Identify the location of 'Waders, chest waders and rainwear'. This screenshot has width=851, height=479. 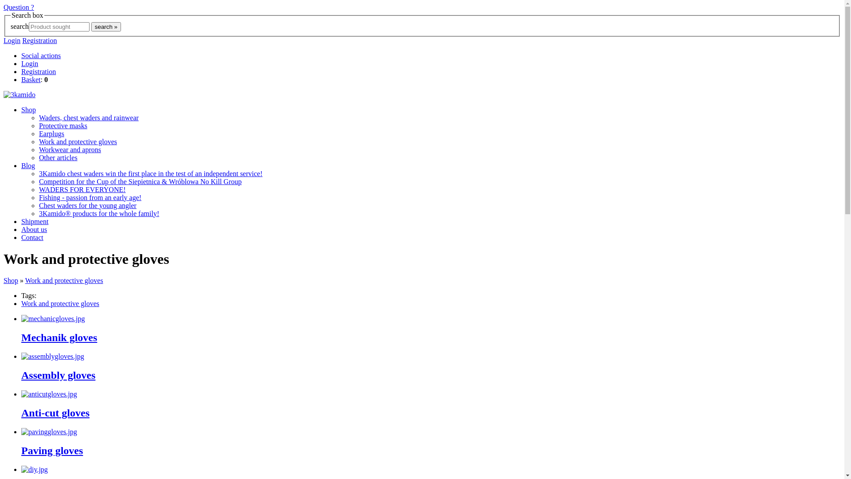
(38, 117).